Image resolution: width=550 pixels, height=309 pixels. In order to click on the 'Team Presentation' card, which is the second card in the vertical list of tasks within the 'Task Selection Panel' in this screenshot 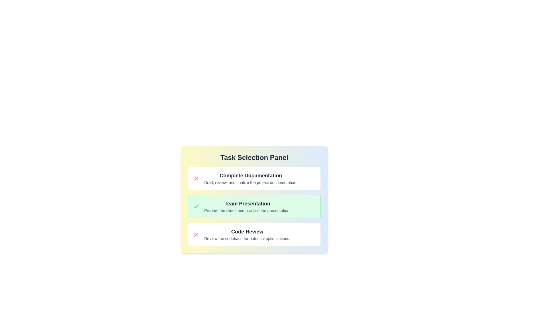, I will do `click(254, 206)`.